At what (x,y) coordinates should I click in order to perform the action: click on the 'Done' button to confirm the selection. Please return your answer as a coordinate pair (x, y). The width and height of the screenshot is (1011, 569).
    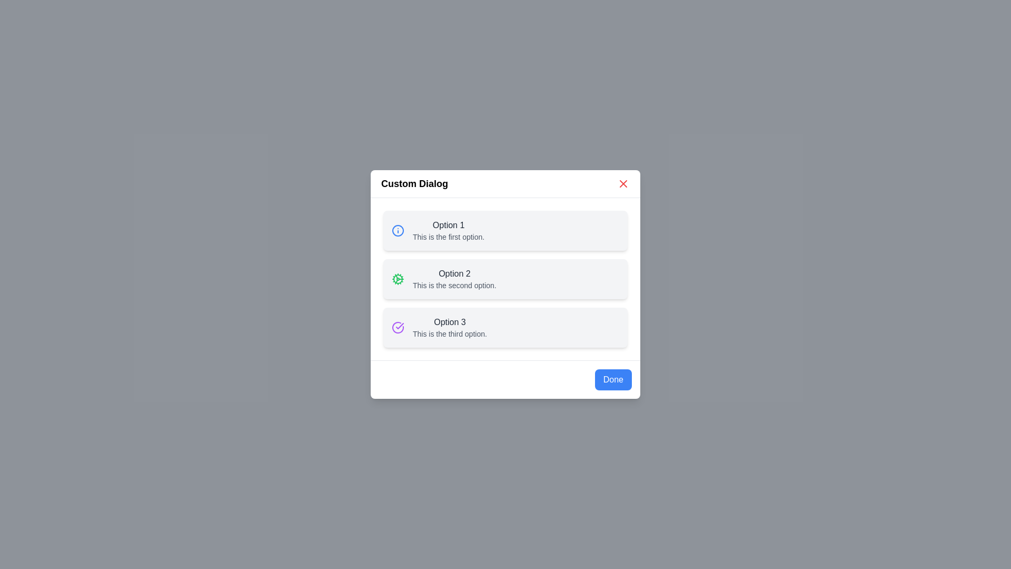
    Looking at the image, I should click on (613, 380).